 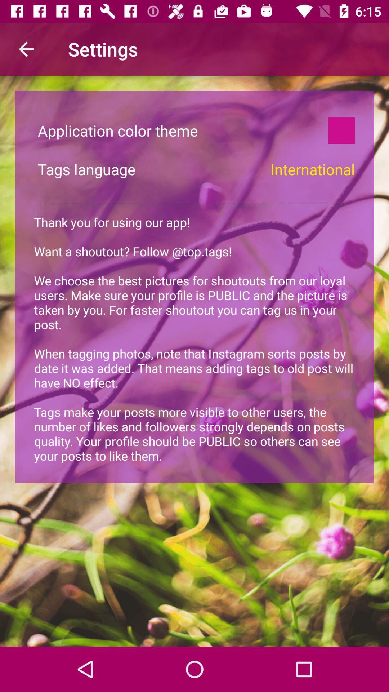 I want to click on the item next to settings item, so click(x=26, y=49).